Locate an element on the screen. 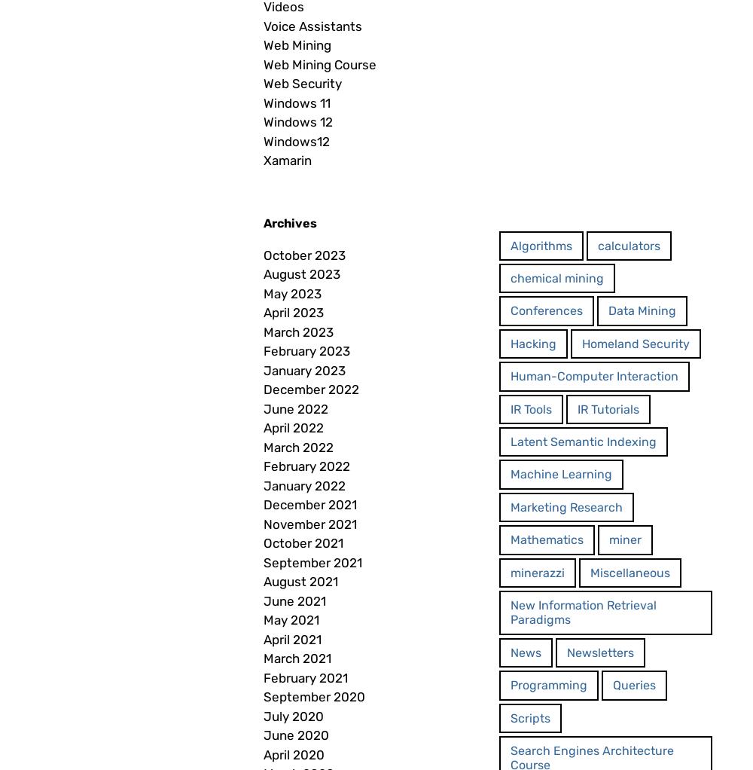 The width and height of the screenshot is (753, 770). 'New Information Retrieval Paradigms' is located at coordinates (583, 611).